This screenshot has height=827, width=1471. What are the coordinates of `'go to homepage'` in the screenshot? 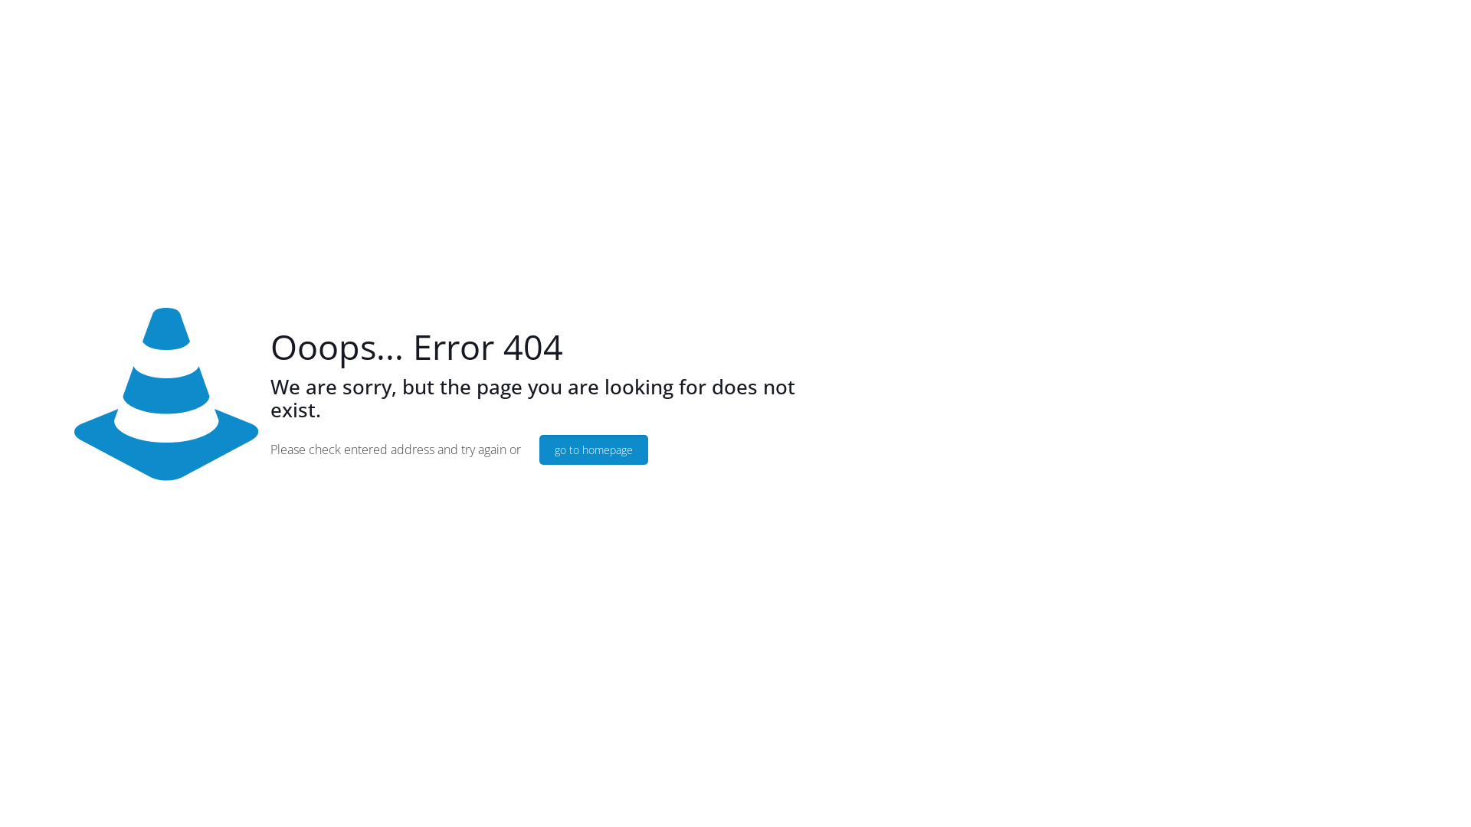 It's located at (592, 449).